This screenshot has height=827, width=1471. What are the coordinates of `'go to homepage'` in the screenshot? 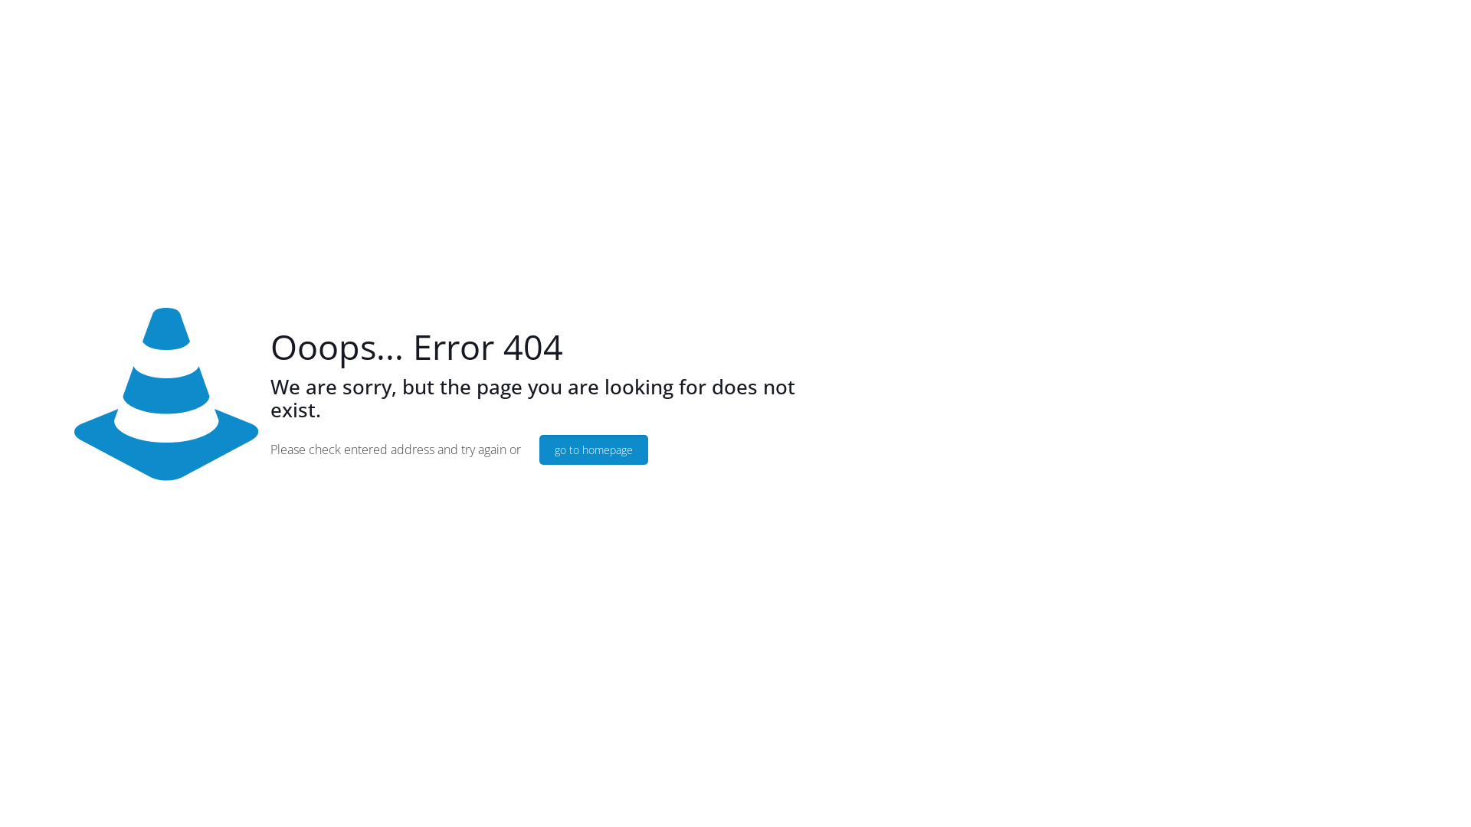 It's located at (592, 449).